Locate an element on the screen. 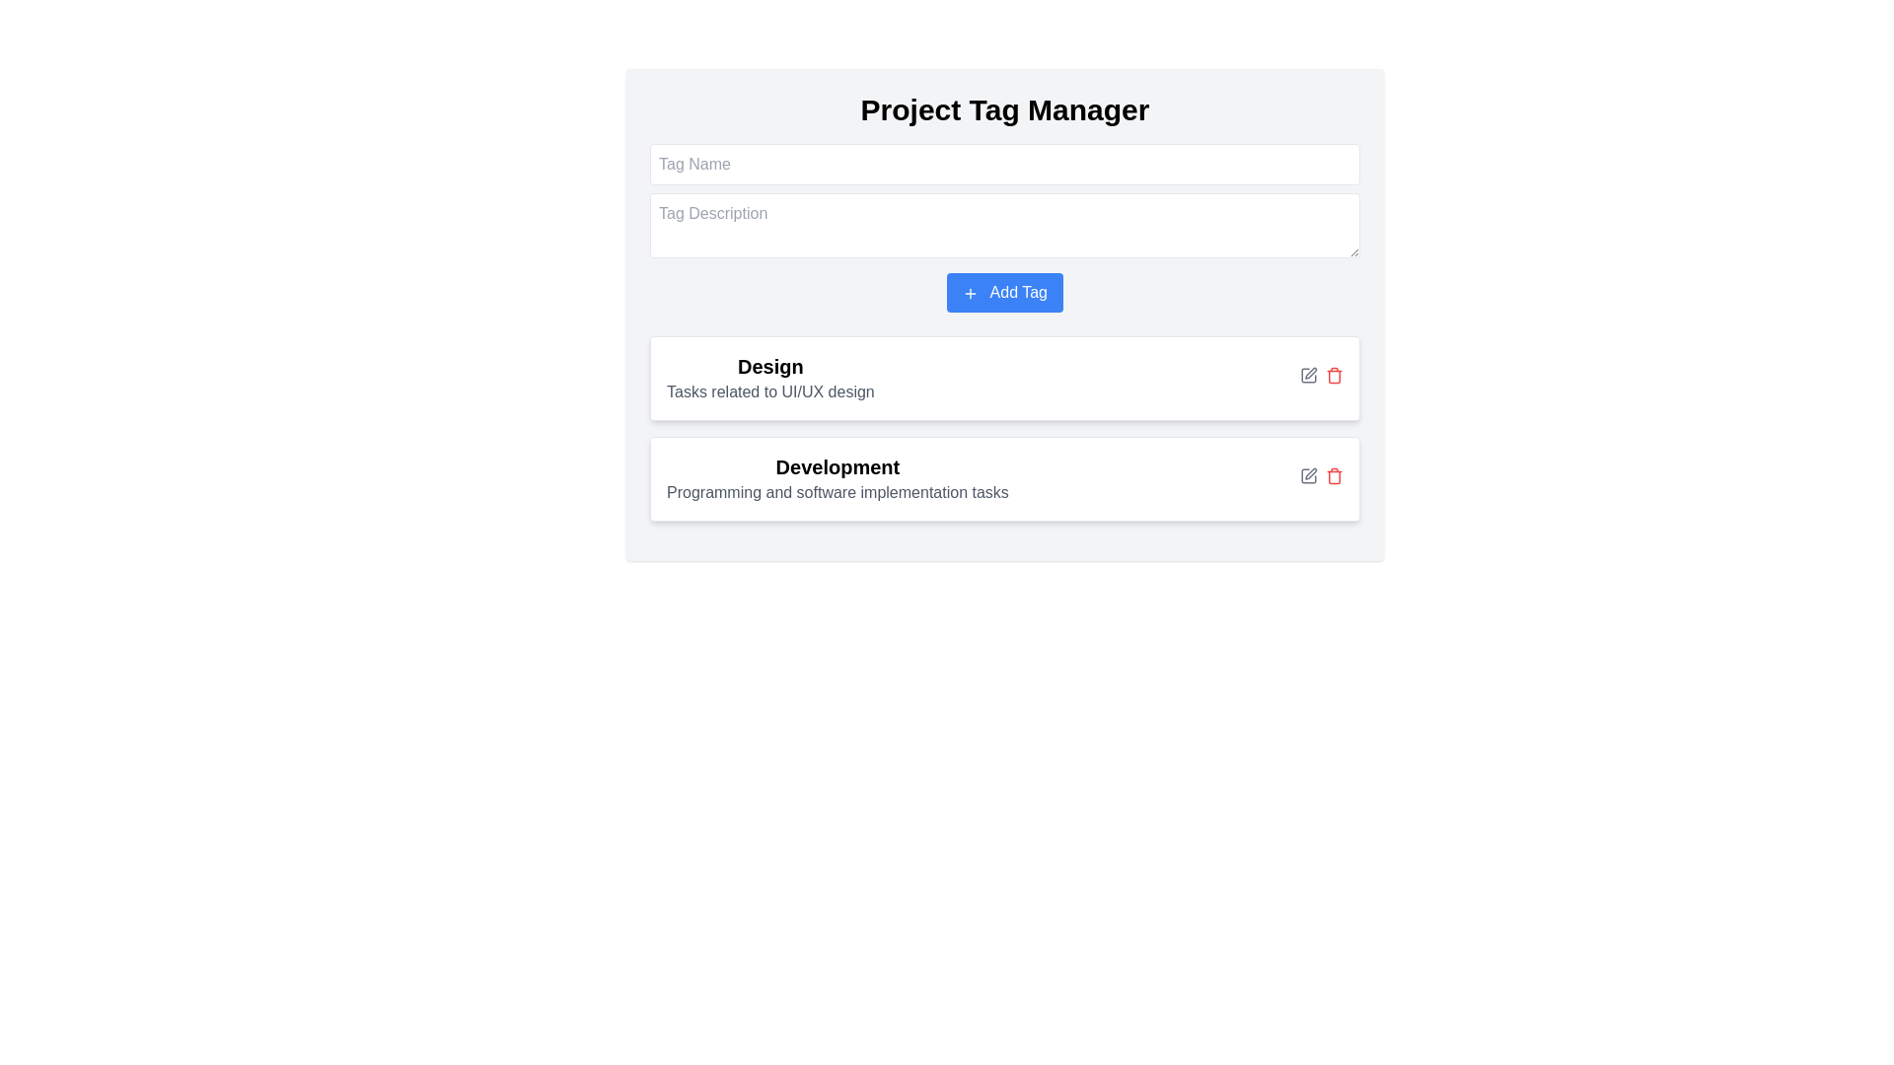 This screenshot has width=1894, height=1065. the 'Tag Description' input field to observe any visual state changes such as focus highlighting is located at coordinates (1004, 224).